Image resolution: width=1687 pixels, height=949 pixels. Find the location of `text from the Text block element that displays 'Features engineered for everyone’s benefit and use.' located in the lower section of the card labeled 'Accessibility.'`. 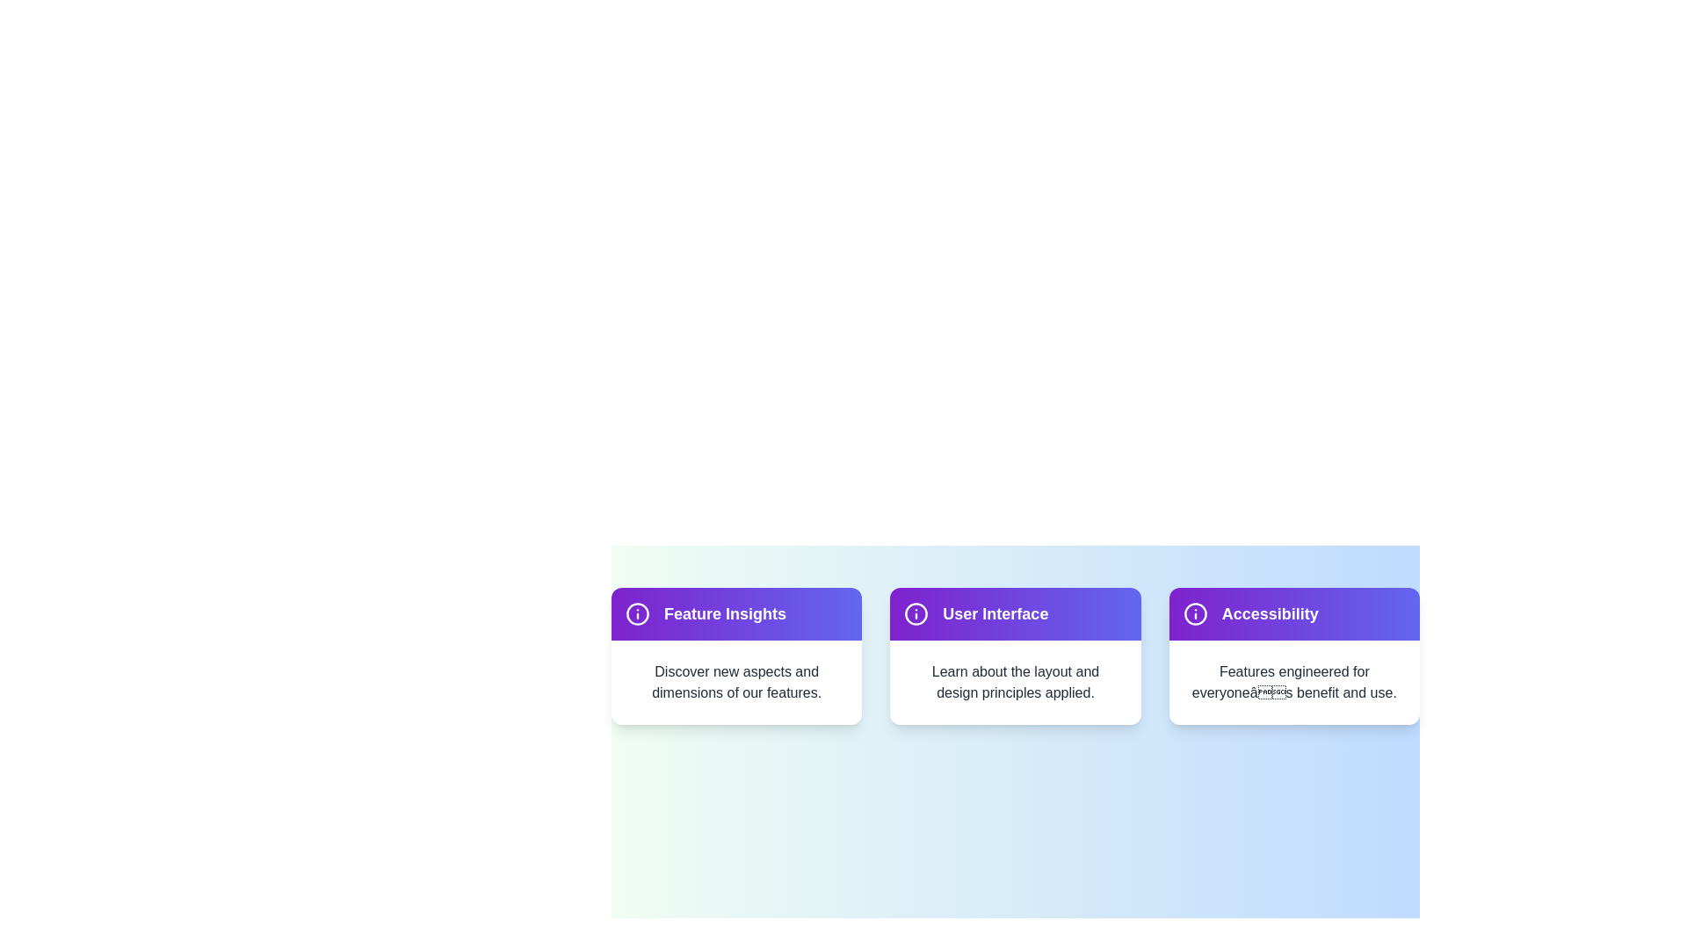

text from the Text block element that displays 'Features engineered for everyone’s benefit and use.' located in the lower section of the card labeled 'Accessibility.' is located at coordinates (1294, 681).